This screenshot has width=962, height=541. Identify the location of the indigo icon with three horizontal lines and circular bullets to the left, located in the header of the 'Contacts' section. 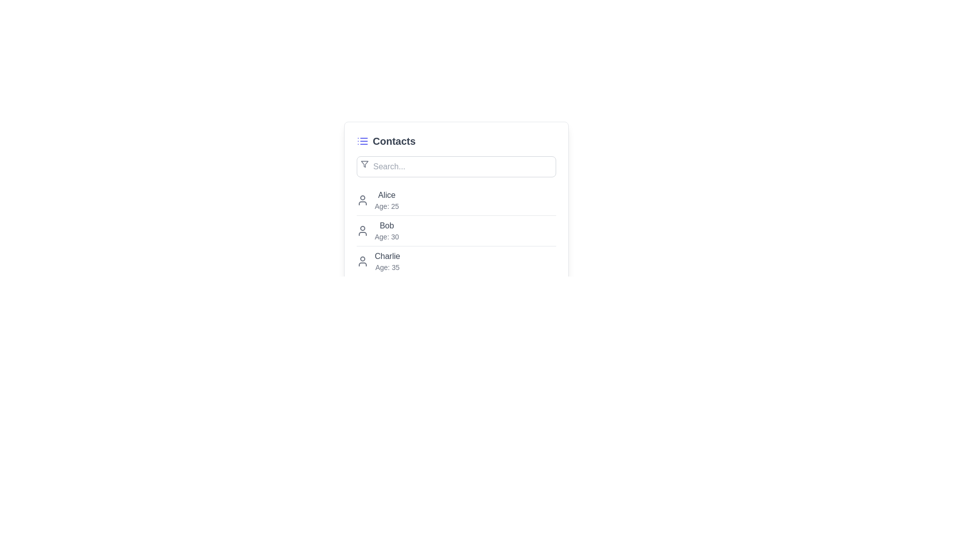
(362, 141).